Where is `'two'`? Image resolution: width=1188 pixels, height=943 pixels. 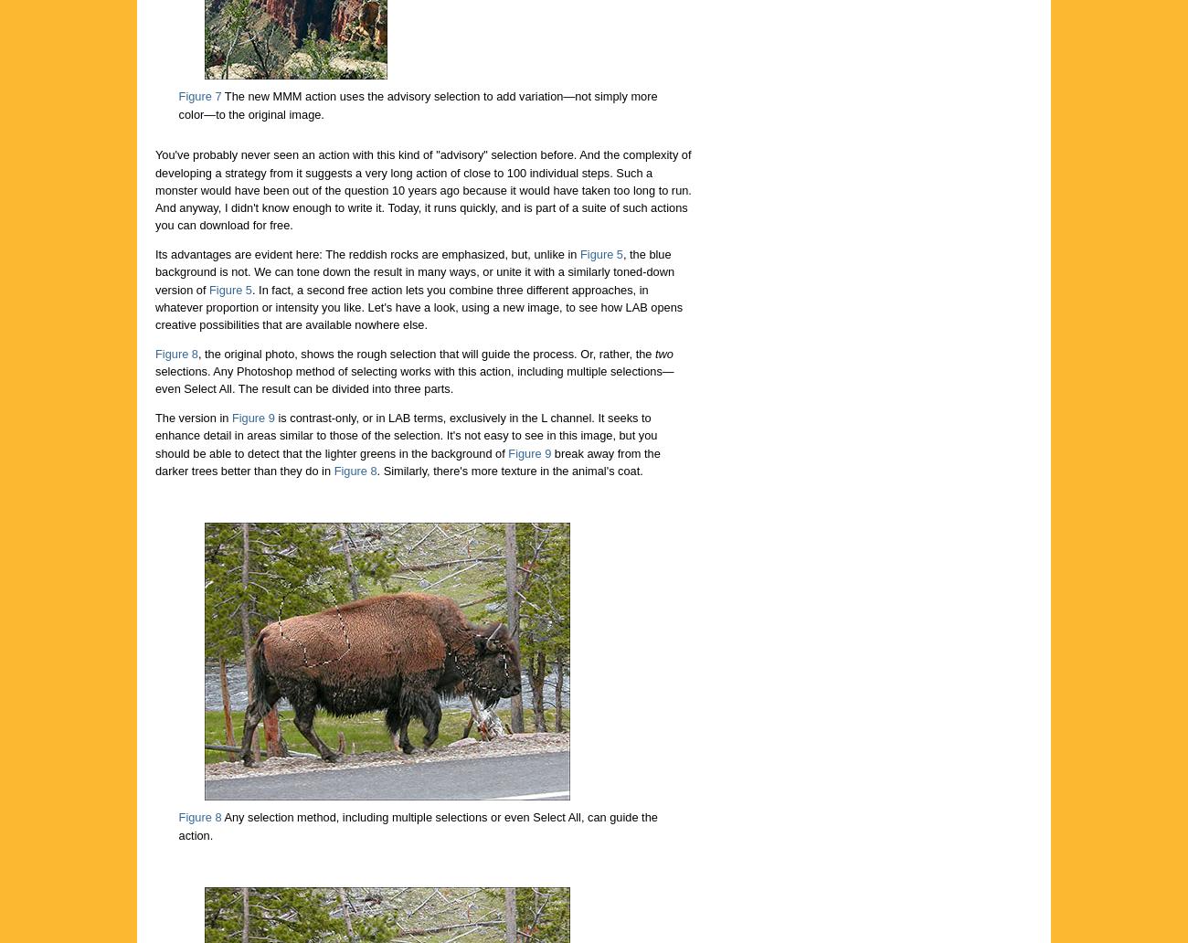 'two' is located at coordinates (663, 353).